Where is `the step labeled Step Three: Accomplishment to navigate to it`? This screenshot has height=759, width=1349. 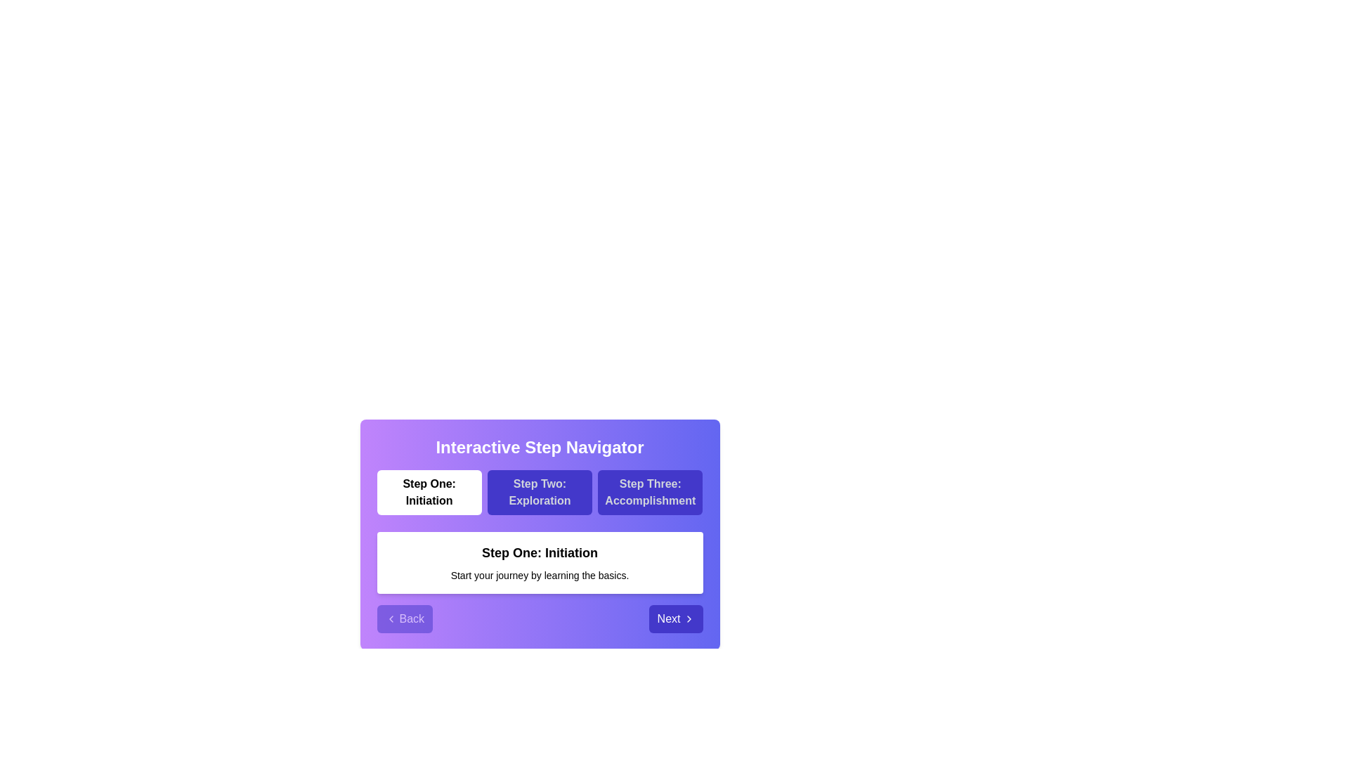
the step labeled Step Three: Accomplishment to navigate to it is located at coordinates (650, 492).